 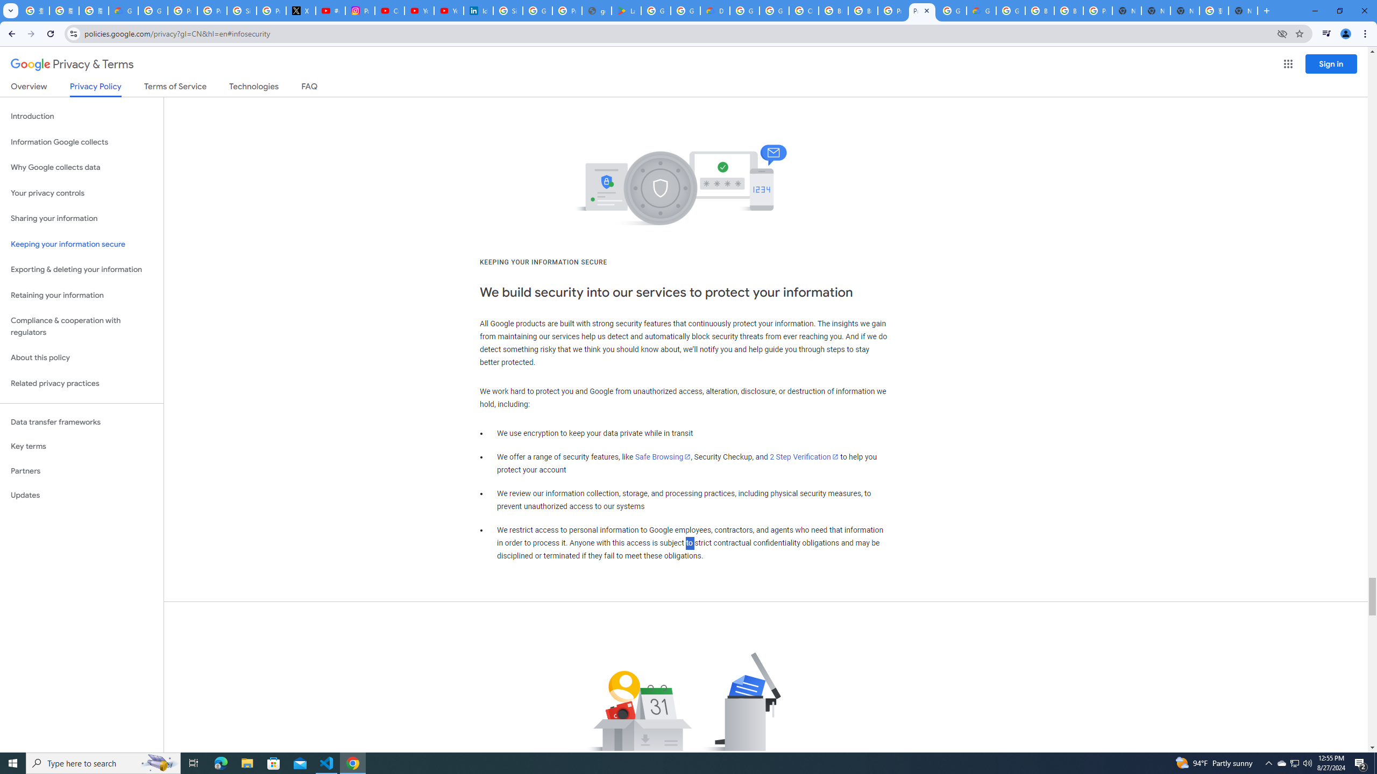 I want to click on 'About this policy', so click(x=81, y=358).